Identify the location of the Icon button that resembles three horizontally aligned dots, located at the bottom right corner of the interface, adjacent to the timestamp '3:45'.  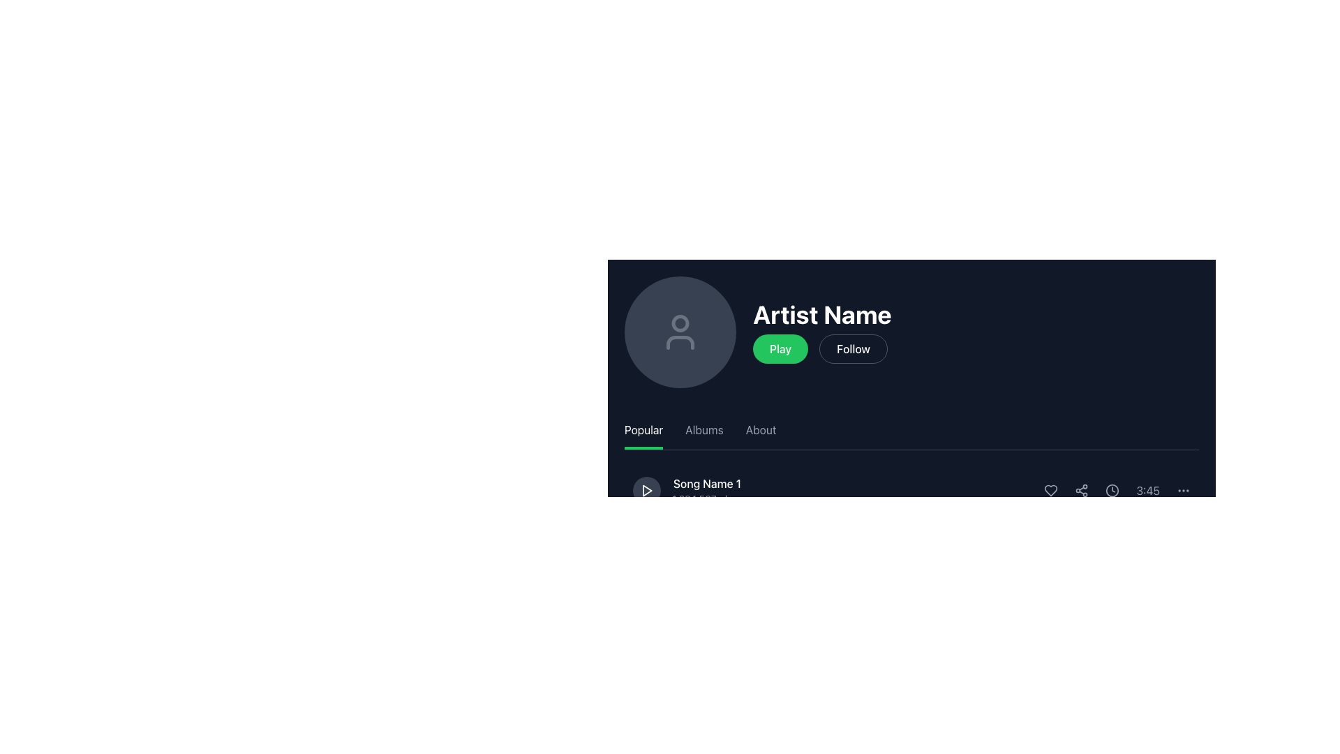
(1182, 489).